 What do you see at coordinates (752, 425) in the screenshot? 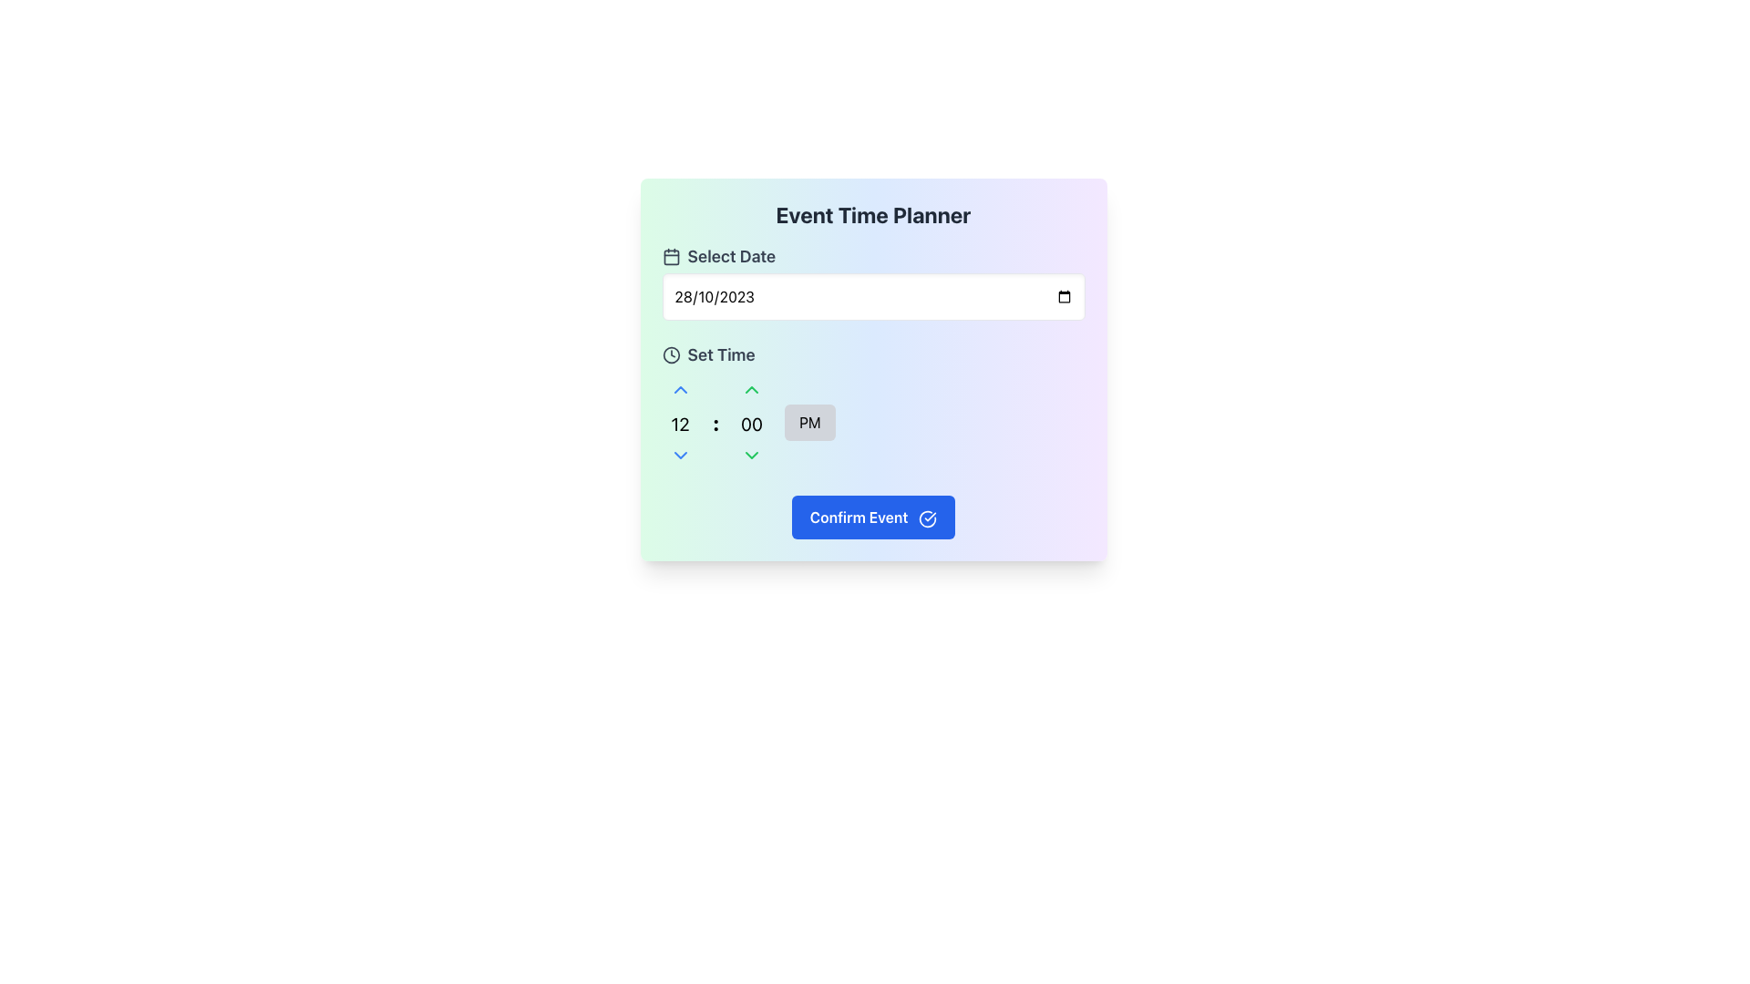
I see `the Text Display element showing '00' which is part of the time-setting interface under the 'Set Time' label` at bounding box center [752, 425].